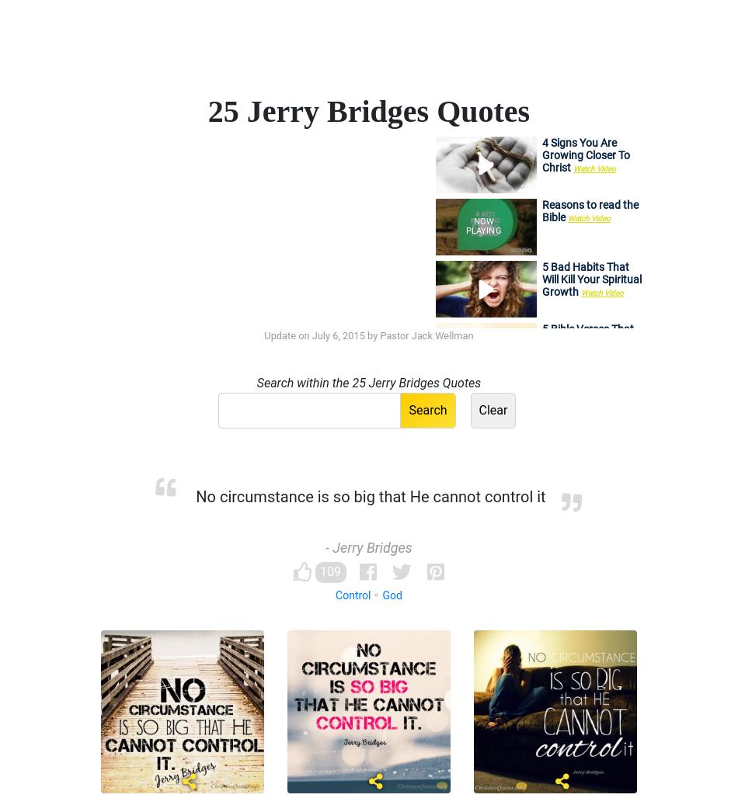  Describe the element at coordinates (323, 55) in the screenshot. I see `'Daily Quote'` at that location.